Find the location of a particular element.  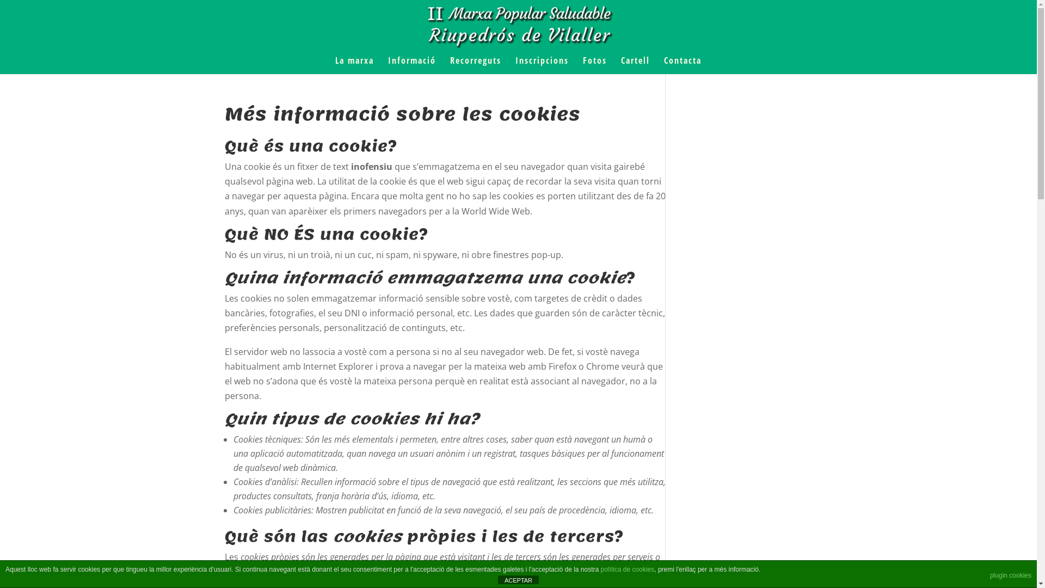

'ACEPTAR' is located at coordinates (518, 579).